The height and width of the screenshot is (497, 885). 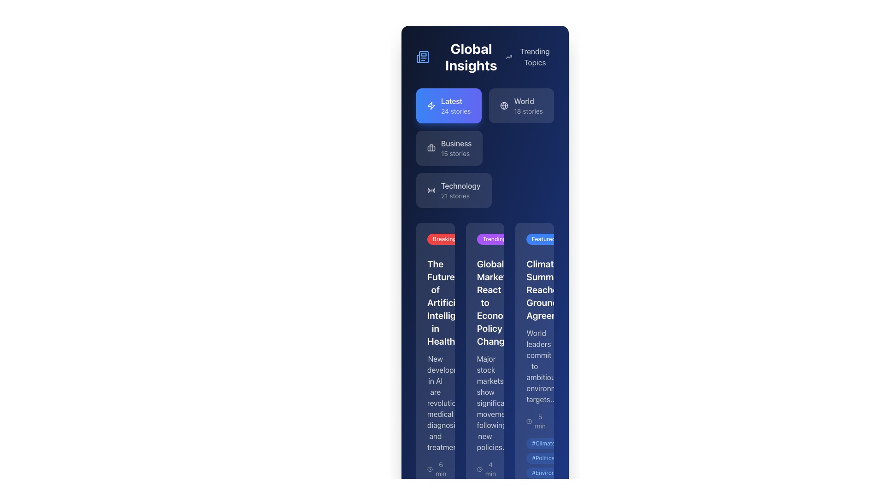 I want to click on the SVG circle that represents the frame of the clock icon located in the bottom left of the news article details column, so click(x=430, y=469).